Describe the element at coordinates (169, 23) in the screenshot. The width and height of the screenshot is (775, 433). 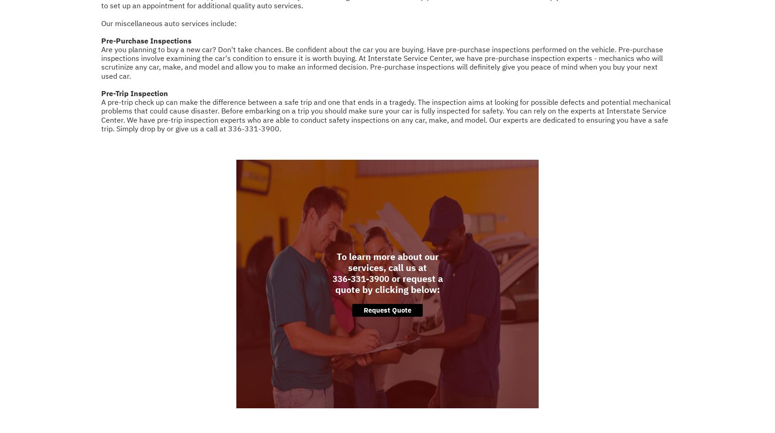
I see `'Our miscellaneous auto services include:'` at that location.